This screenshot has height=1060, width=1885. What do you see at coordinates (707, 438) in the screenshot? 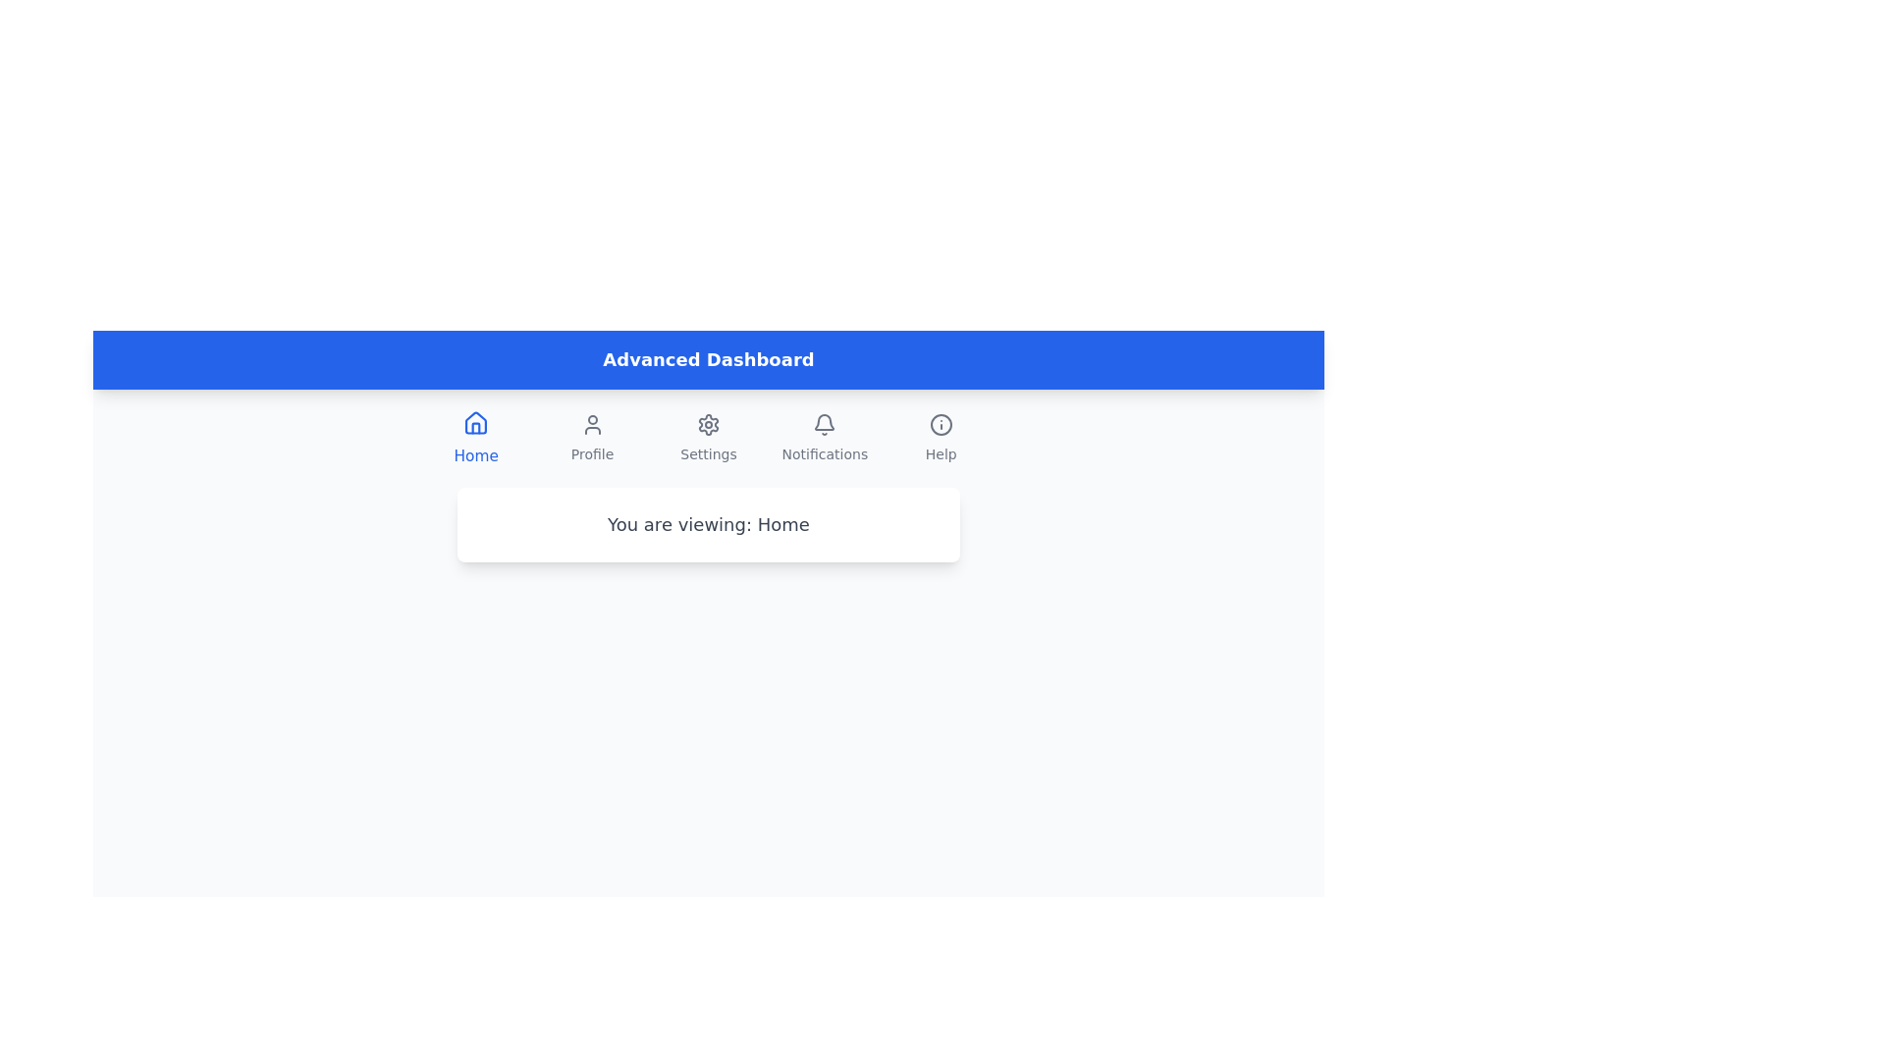
I see `the 'Settings' option in the navigation bar` at bounding box center [707, 438].